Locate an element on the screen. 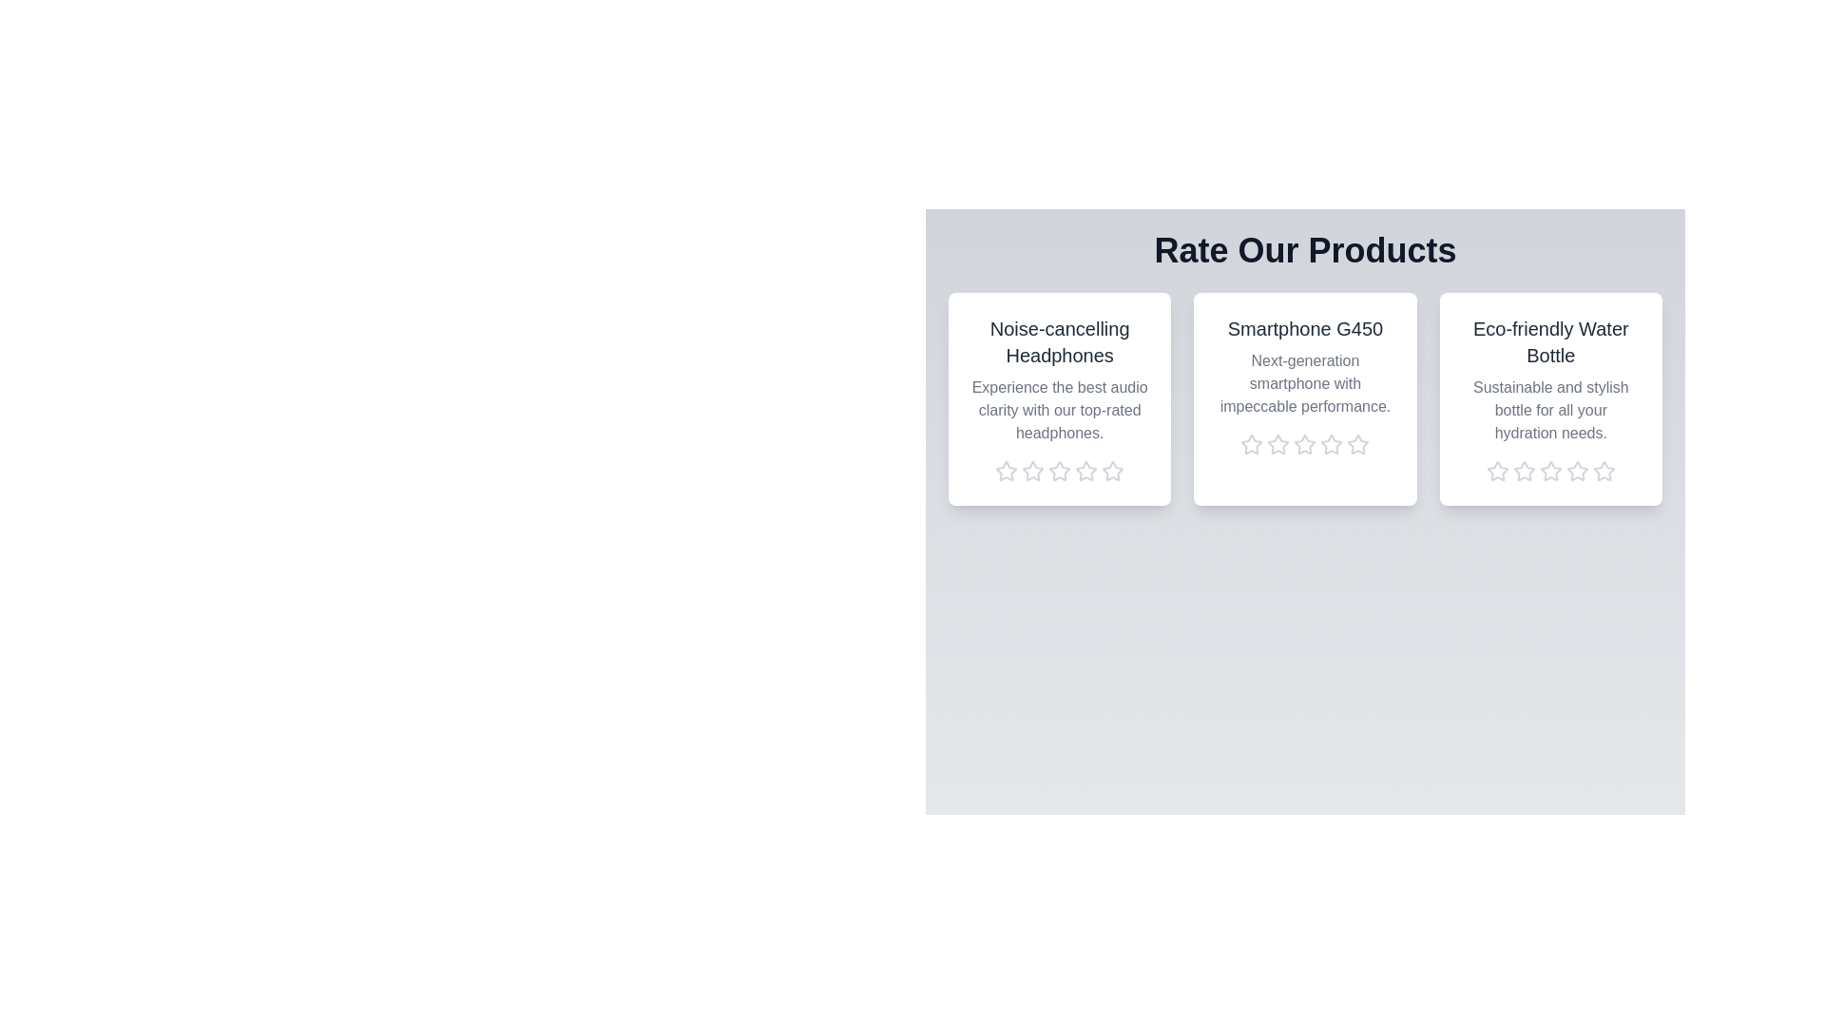 The width and height of the screenshot is (1825, 1027). the rating of the product 'Eco-friendly Water Bottle' to 2 stars is located at coordinates (1524, 471).